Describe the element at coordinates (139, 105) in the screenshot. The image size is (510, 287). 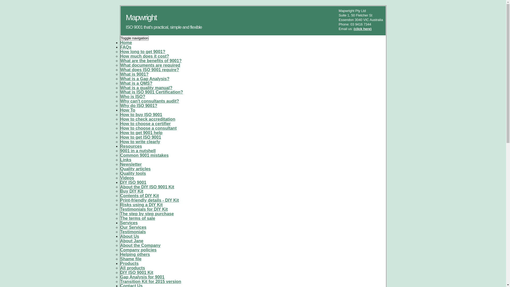
I see `'Why do ISO 9001?'` at that location.